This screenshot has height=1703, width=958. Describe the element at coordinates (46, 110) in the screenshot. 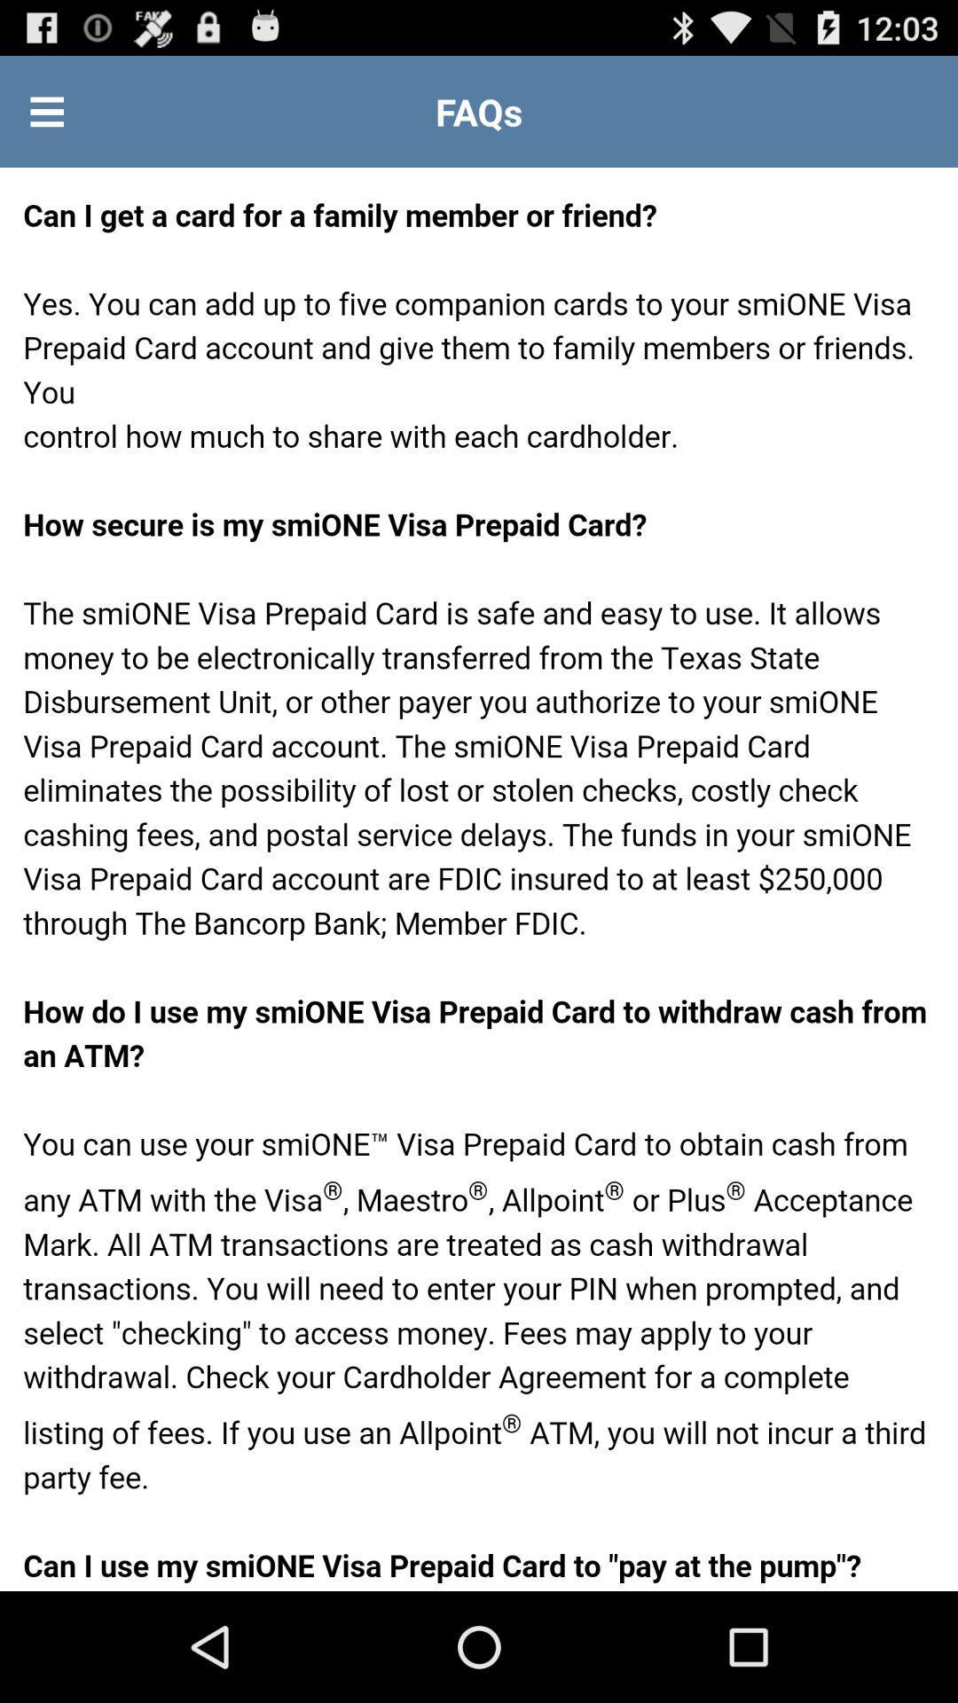

I see `menu bar` at that location.